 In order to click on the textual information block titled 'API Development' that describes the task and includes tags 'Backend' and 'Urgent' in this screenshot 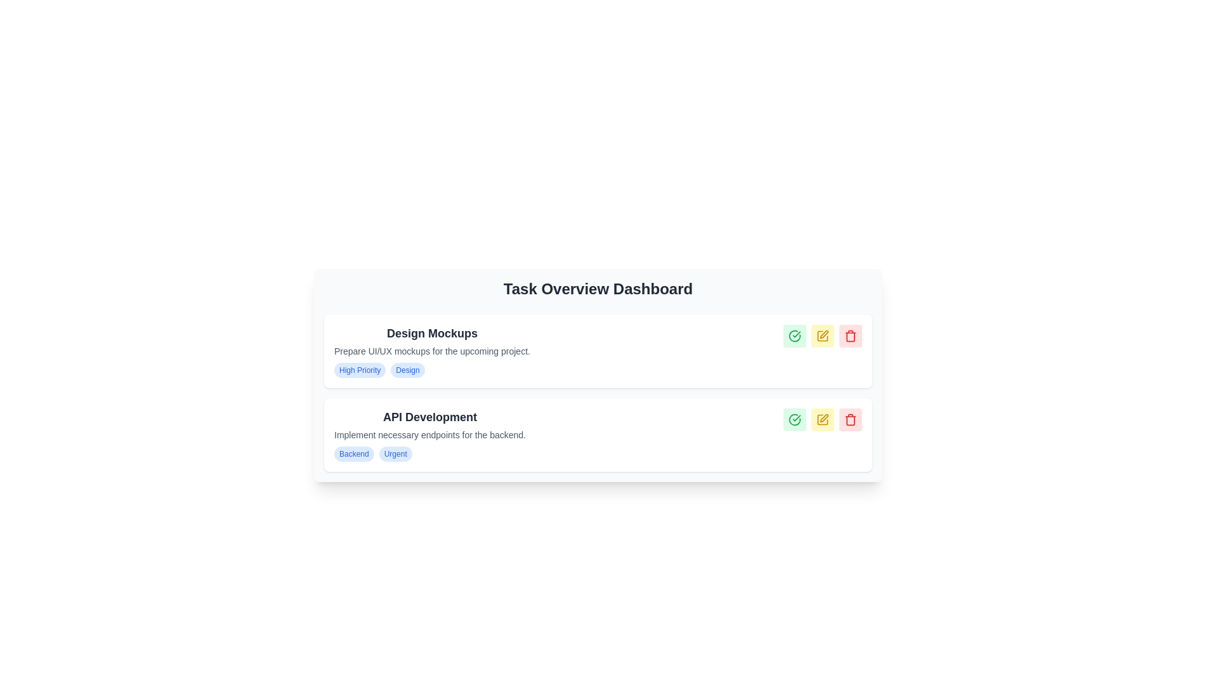, I will do `click(429, 434)`.